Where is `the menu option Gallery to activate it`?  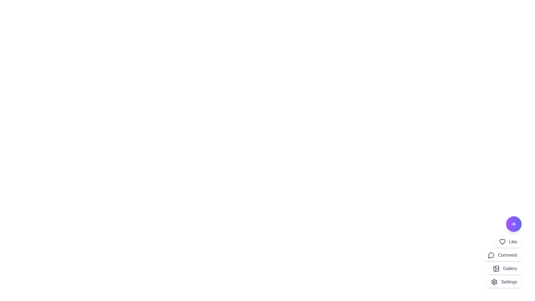 the menu option Gallery to activate it is located at coordinates (505, 268).